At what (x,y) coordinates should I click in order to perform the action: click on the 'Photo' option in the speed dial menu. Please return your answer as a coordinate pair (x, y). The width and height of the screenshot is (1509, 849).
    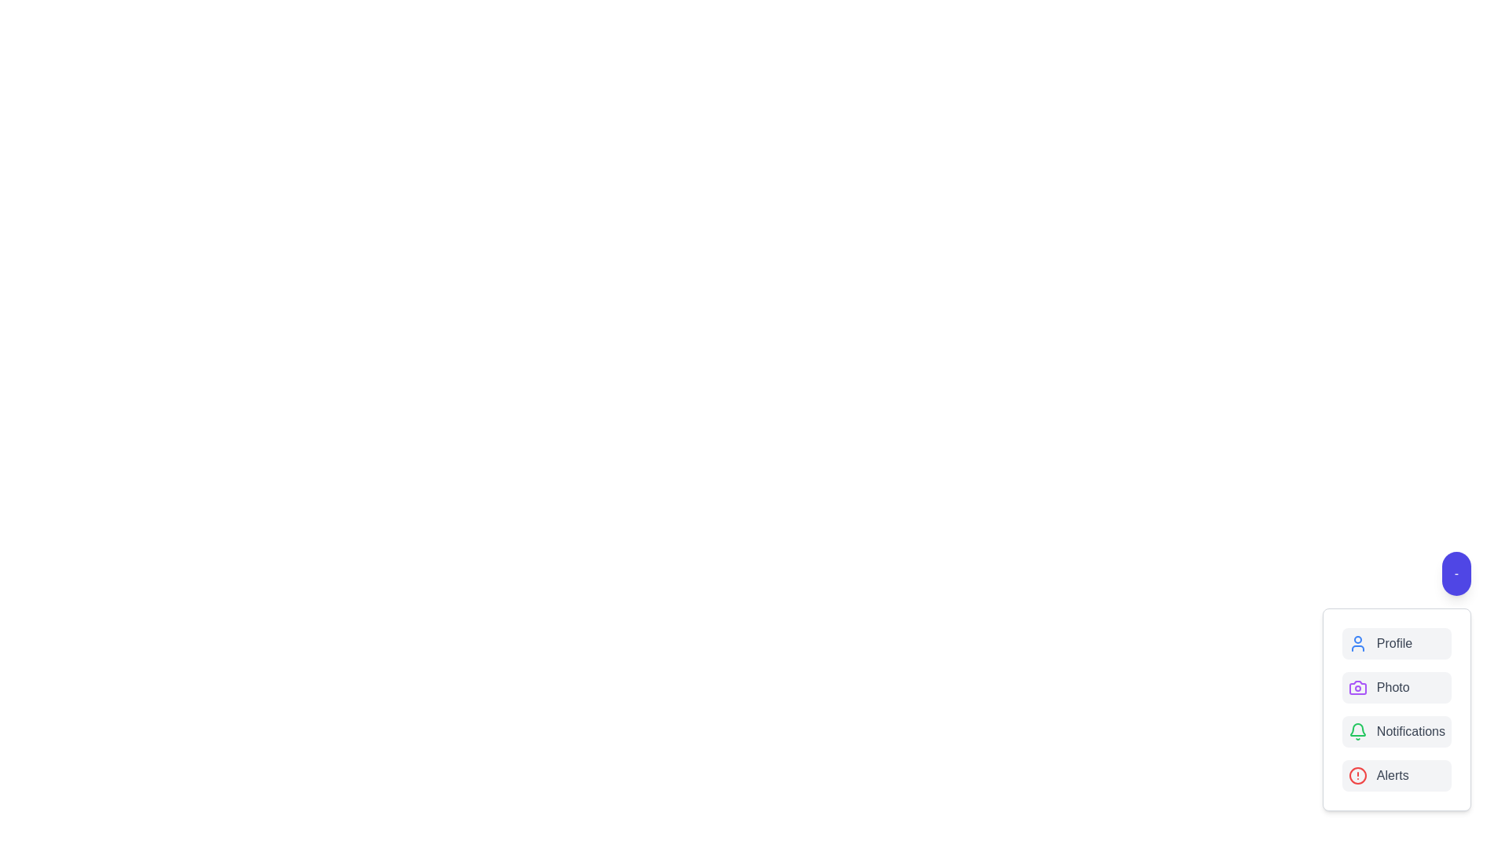
    Looking at the image, I should click on (1397, 687).